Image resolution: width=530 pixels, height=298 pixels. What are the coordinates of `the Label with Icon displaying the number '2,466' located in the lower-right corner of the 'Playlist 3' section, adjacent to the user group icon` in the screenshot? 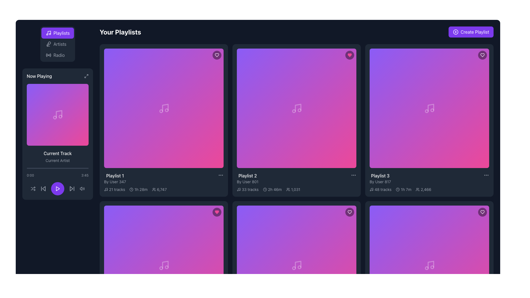 It's located at (423, 189).